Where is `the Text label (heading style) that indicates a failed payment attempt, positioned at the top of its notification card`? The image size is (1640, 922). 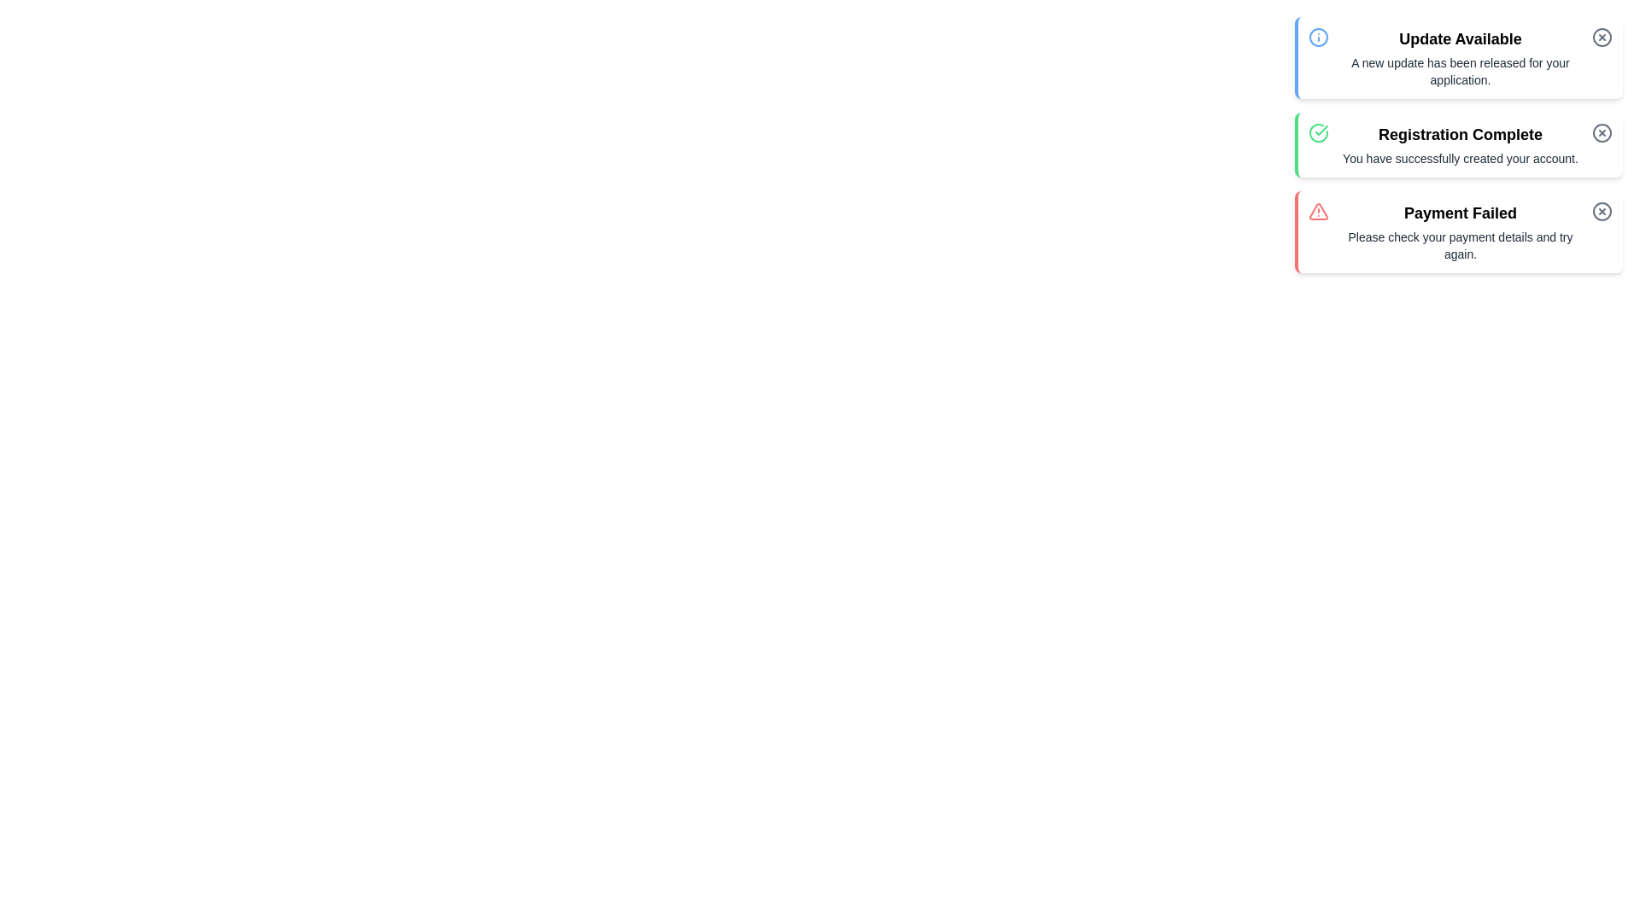
the Text label (heading style) that indicates a failed payment attempt, positioned at the top of its notification card is located at coordinates (1459, 213).